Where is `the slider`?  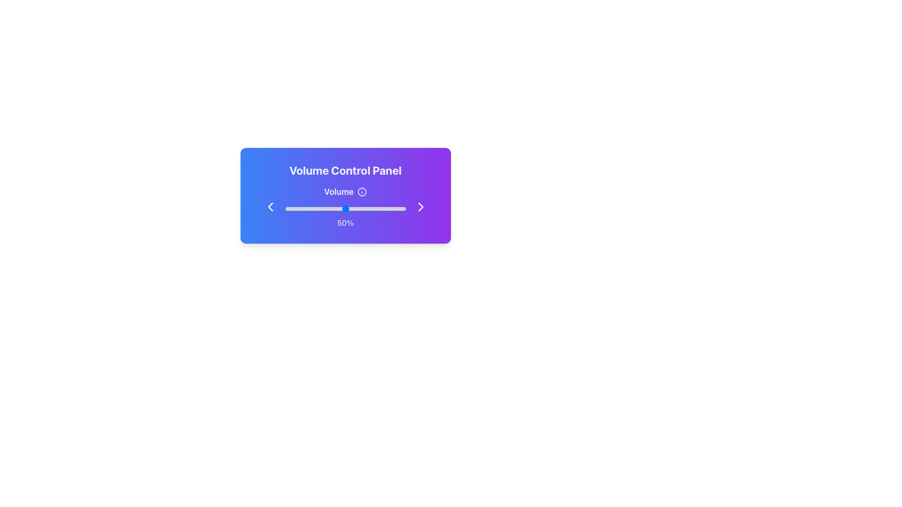
the slider is located at coordinates (396, 208).